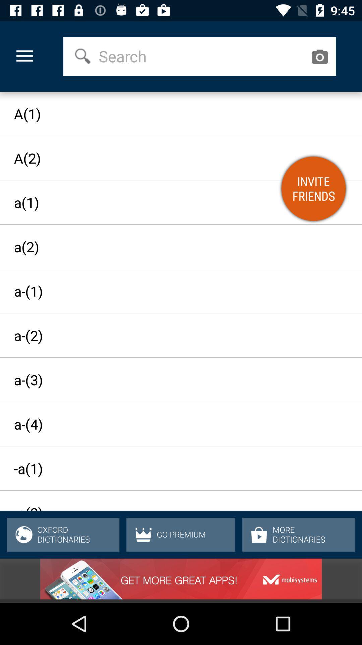  What do you see at coordinates (319, 56) in the screenshot?
I see `the icon above the a(1) icon` at bounding box center [319, 56].